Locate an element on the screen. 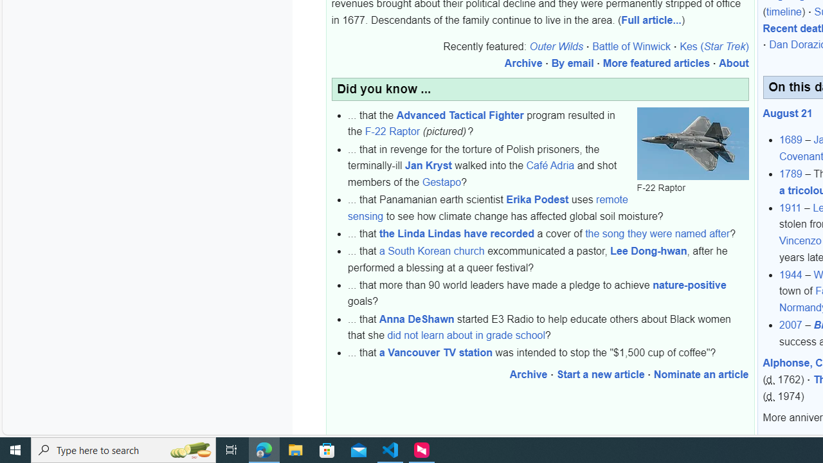  'a Vancouver TV station' is located at coordinates (436, 353).